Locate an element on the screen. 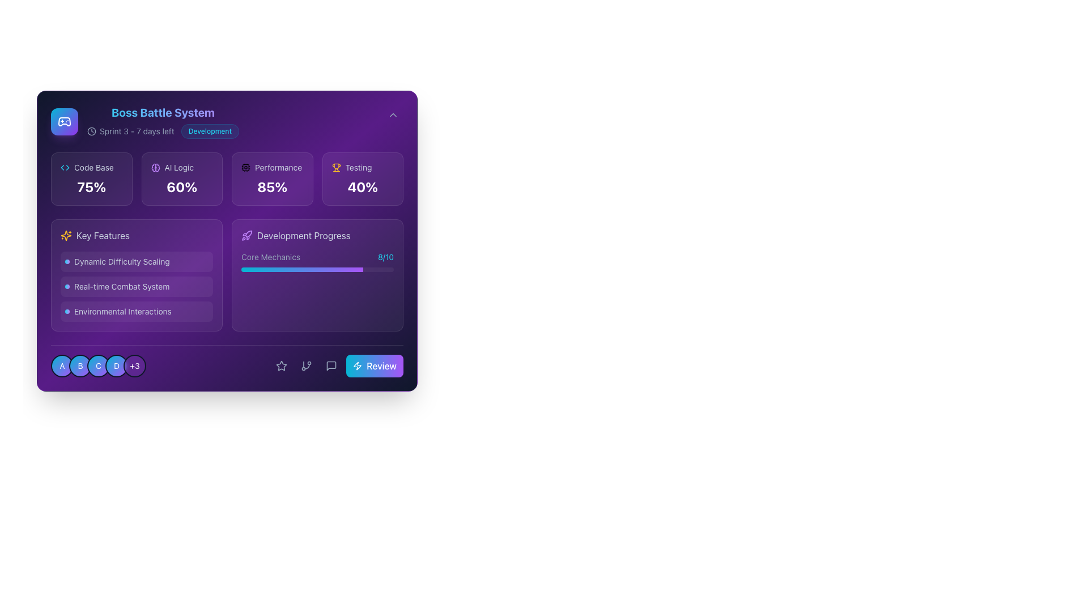 This screenshot has width=1088, height=612. the button located at the bottom-right edge of the purple card-like section is located at coordinates (375, 365).